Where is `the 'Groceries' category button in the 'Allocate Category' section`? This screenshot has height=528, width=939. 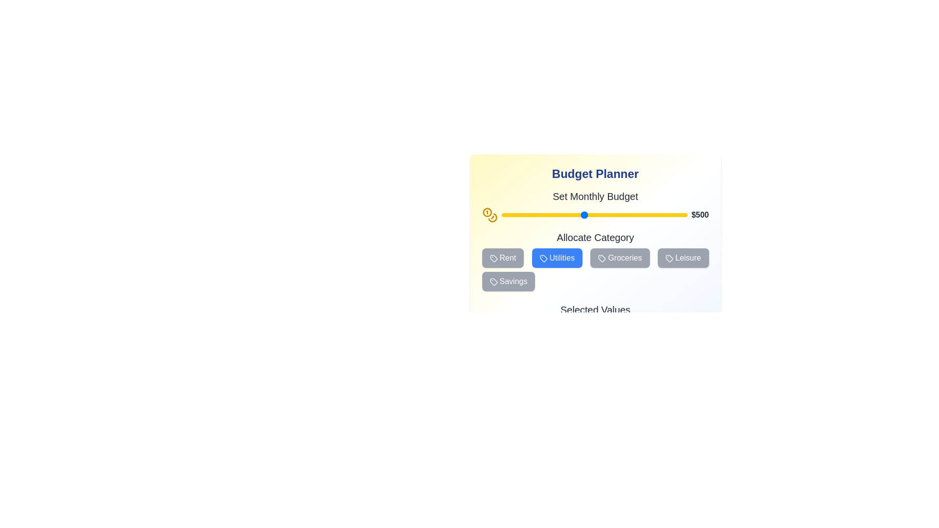 the 'Groceries' category button in the 'Allocate Category' section is located at coordinates (620, 258).